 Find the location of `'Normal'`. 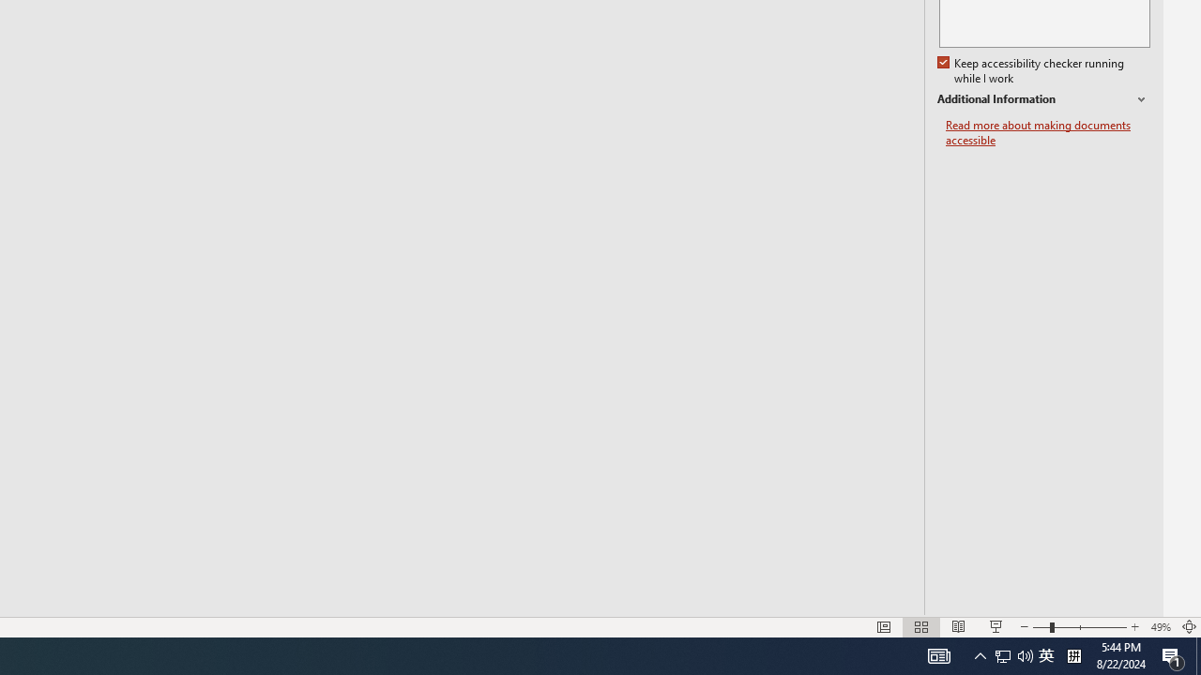

'Normal' is located at coordinates (883, 627).